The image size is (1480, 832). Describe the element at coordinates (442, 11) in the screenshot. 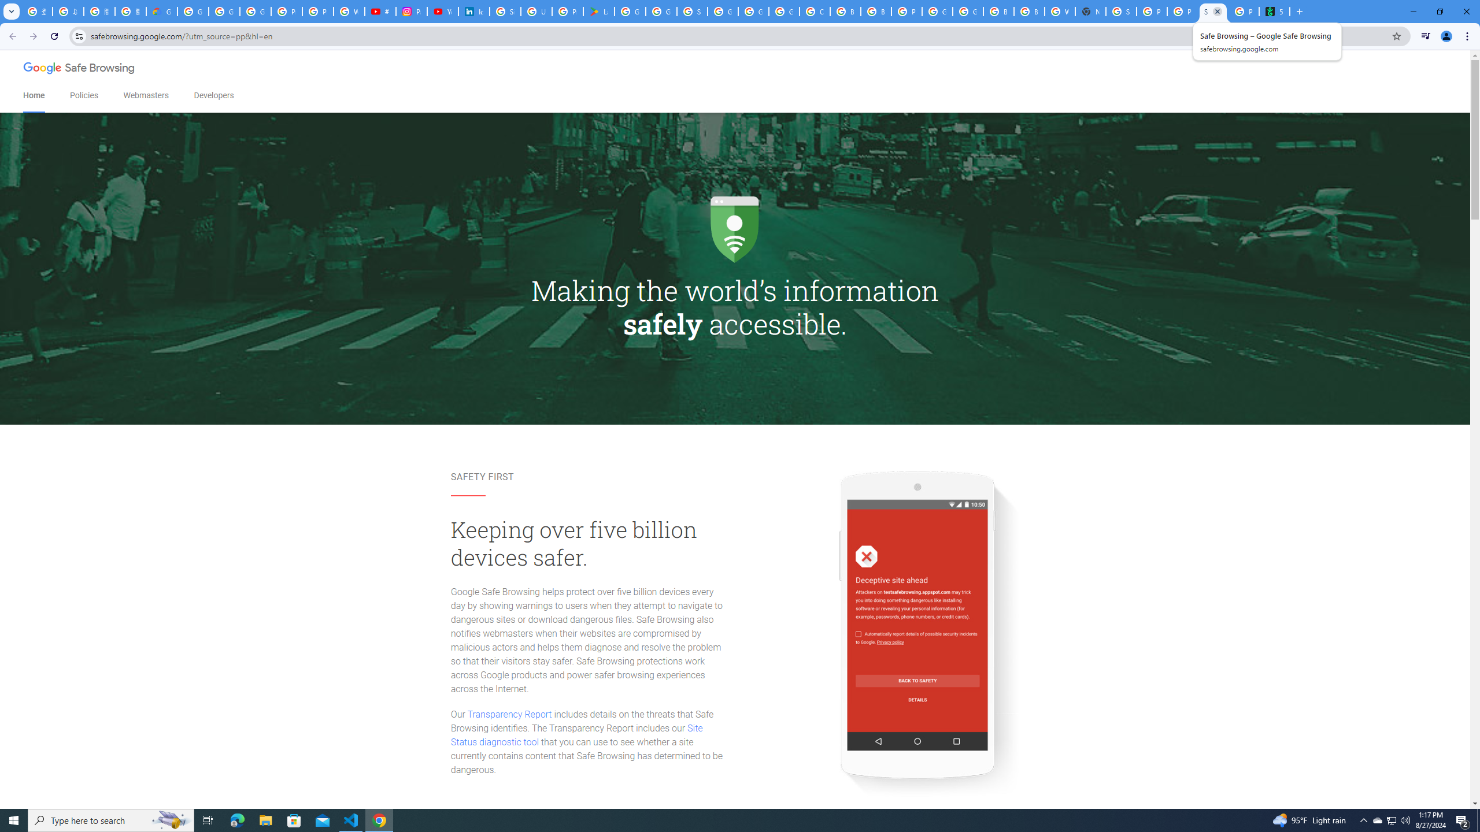

I see `'YouTube Culture & Trends - On The Rise: Handcam Videos'` at that location.